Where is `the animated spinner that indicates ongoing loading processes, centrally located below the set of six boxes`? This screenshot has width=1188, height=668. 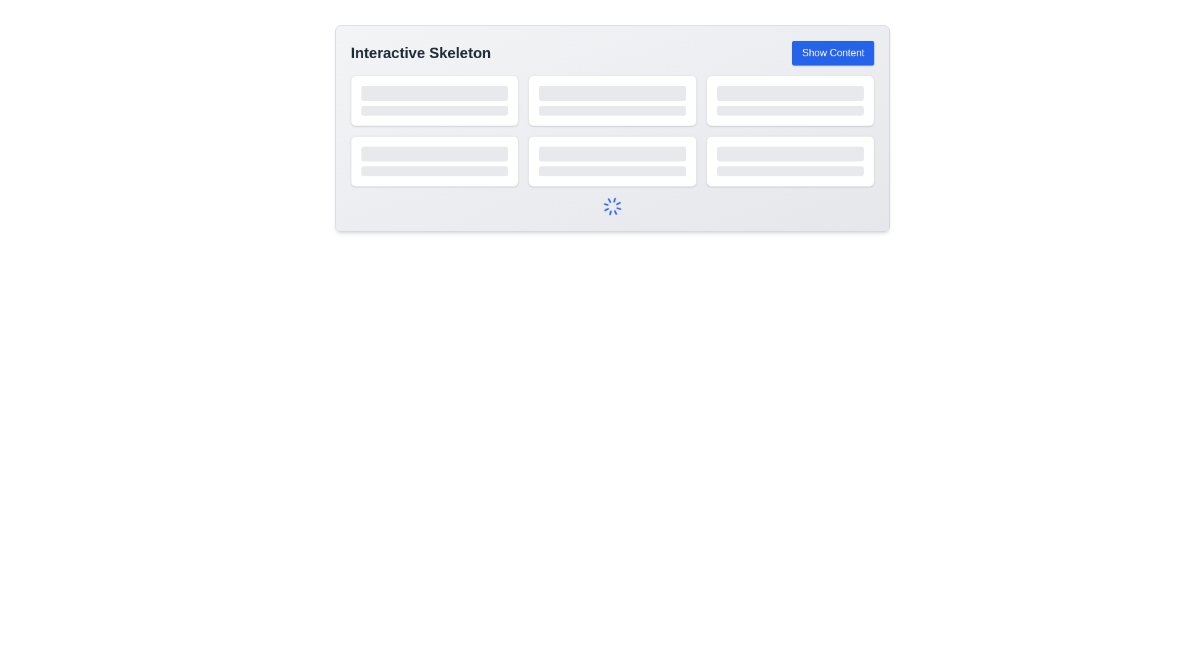
the animated spinner that indicates ongoing loading processes, centrally located below the set of six boxes is located at coordinates (612, 206).